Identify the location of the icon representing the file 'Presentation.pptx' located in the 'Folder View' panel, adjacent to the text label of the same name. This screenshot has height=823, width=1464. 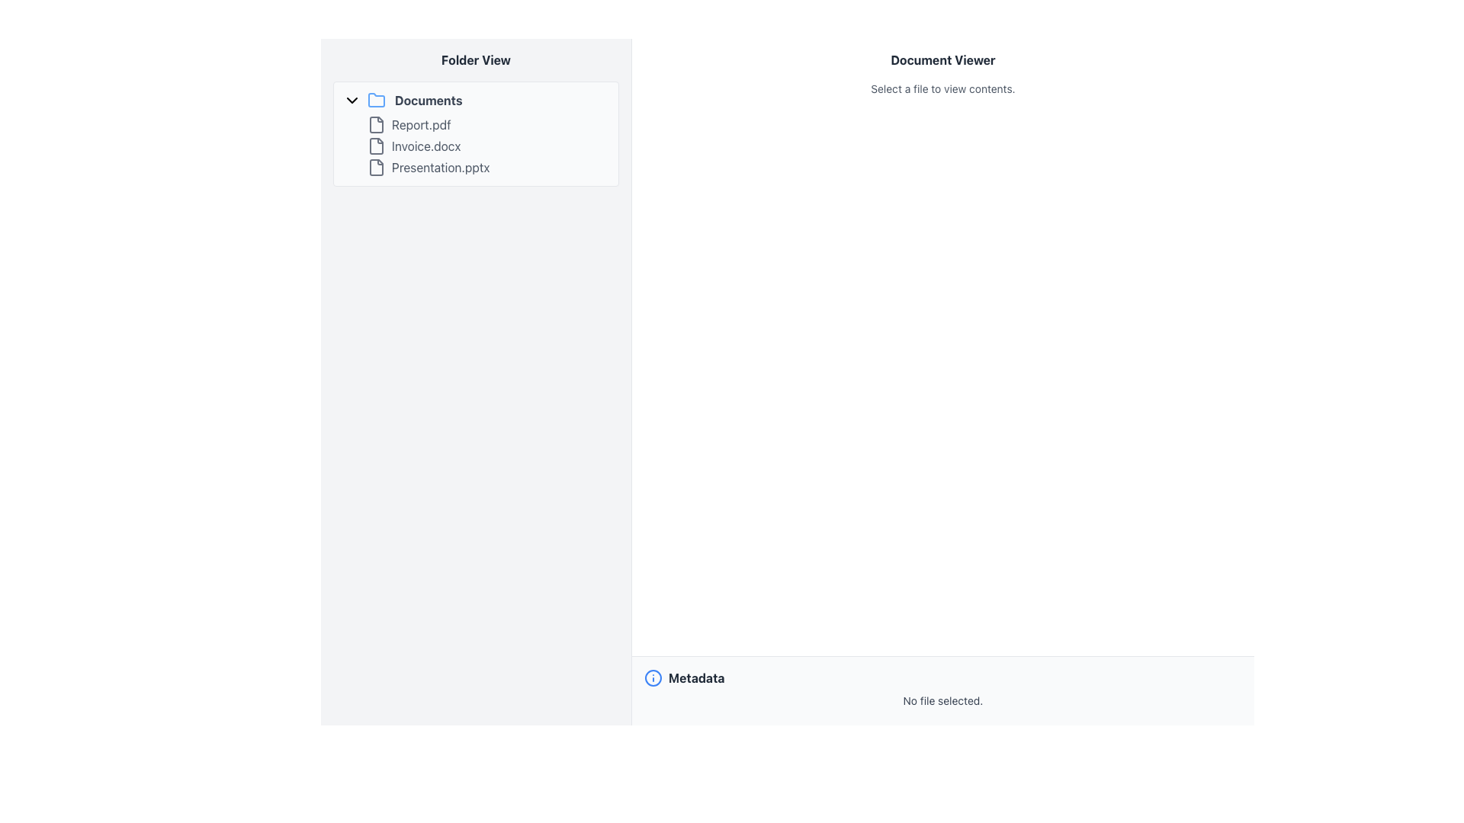
(377, 167).